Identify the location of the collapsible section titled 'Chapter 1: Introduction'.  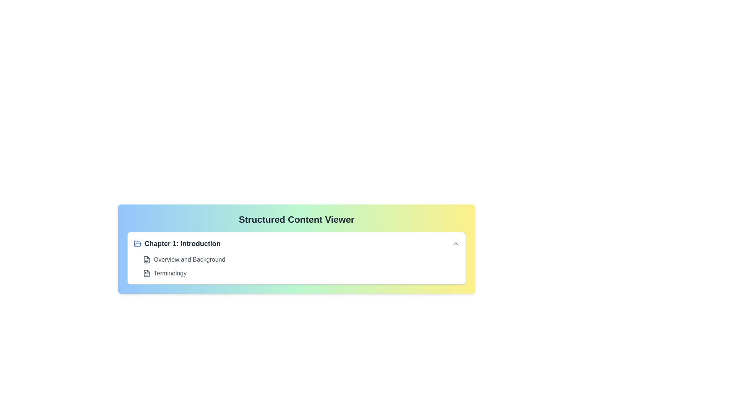
(296, 258).